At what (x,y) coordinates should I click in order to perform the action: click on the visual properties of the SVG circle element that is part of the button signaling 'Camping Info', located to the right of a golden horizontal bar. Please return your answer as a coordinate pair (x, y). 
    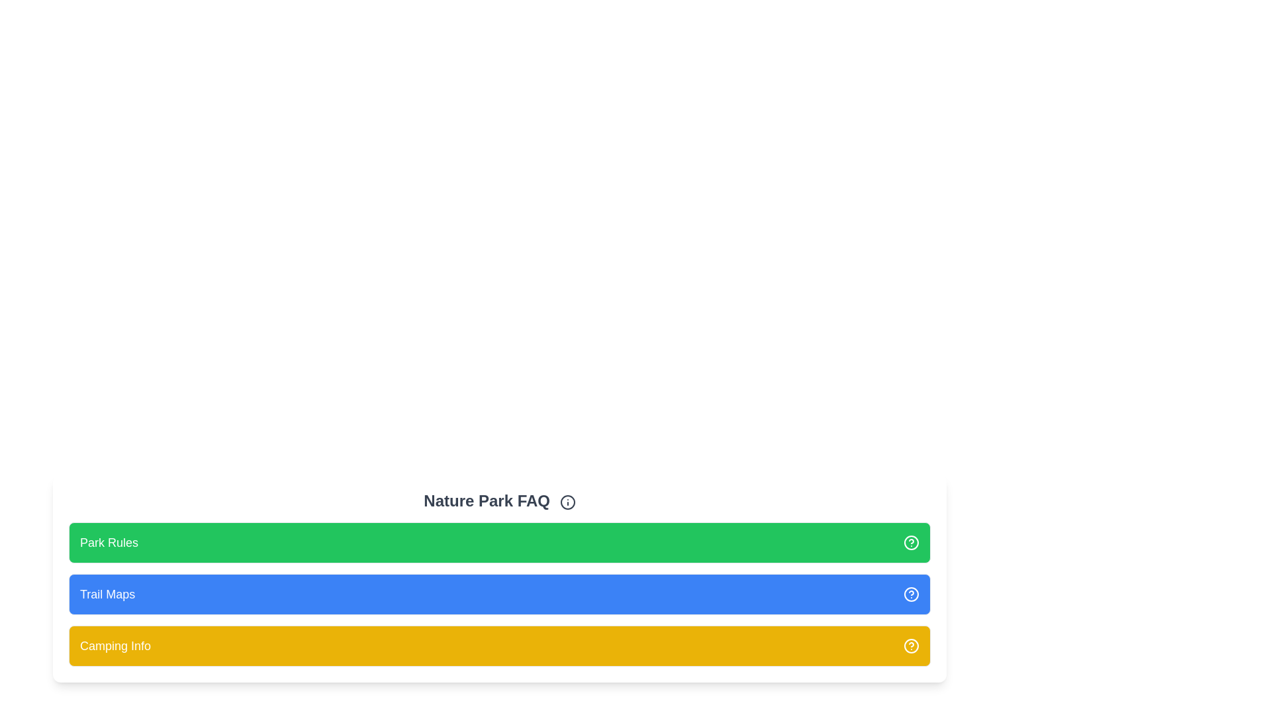
    Looking at the image, I should click on (911, 645).